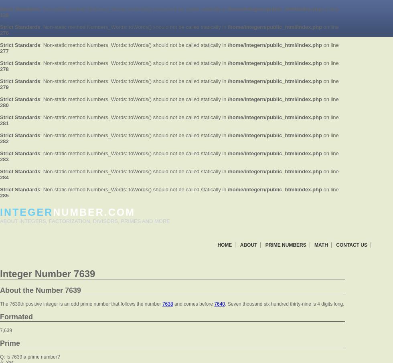  I want to click on '7638', so click(167, 304).